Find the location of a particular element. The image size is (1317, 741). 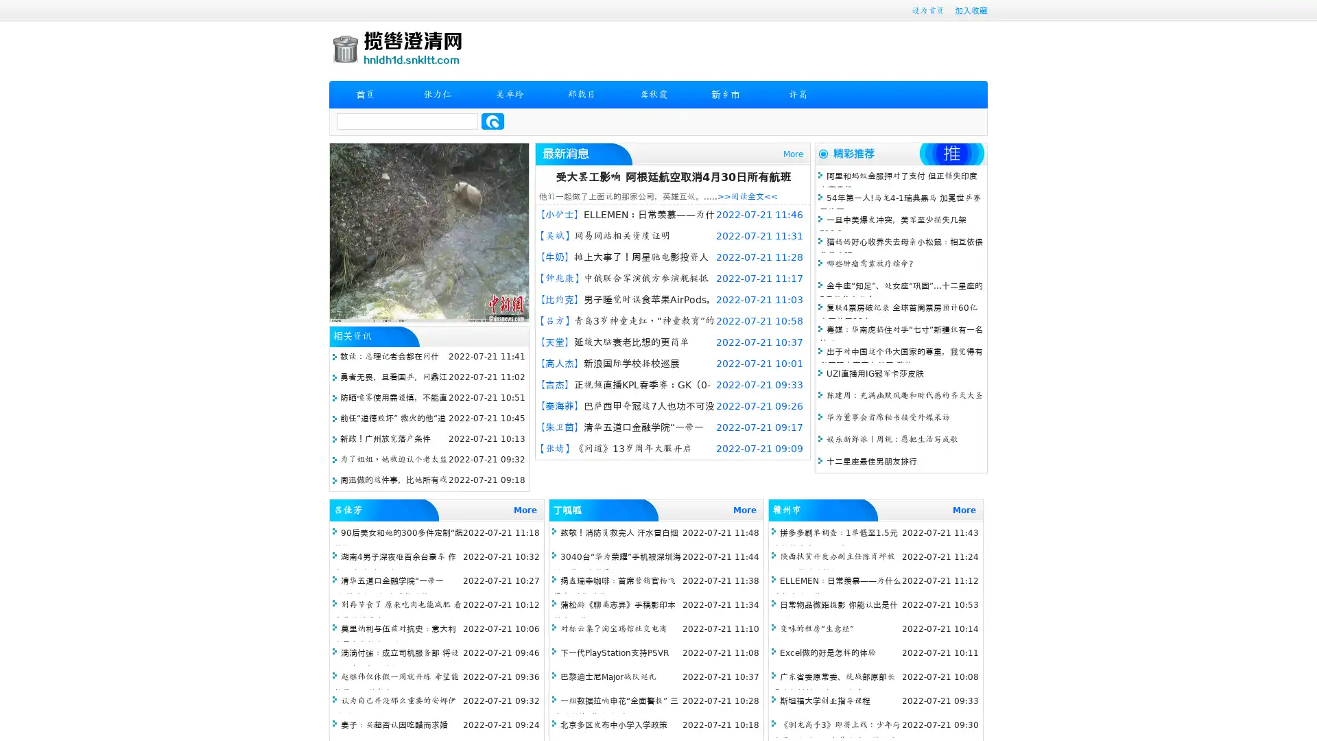

Search is located at coordinates (493, 121).